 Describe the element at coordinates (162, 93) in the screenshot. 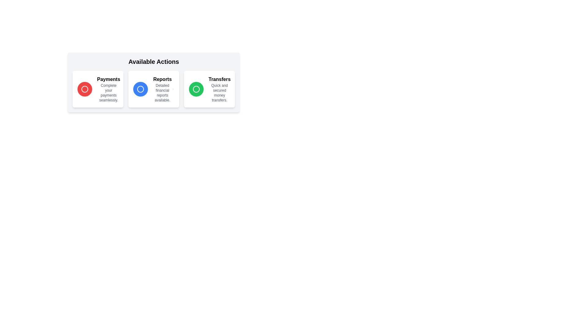

I see `the Text Block displaying 'Detailed financial reports available.' which is located below the 'Reports' heading in the middle panel` at that location.